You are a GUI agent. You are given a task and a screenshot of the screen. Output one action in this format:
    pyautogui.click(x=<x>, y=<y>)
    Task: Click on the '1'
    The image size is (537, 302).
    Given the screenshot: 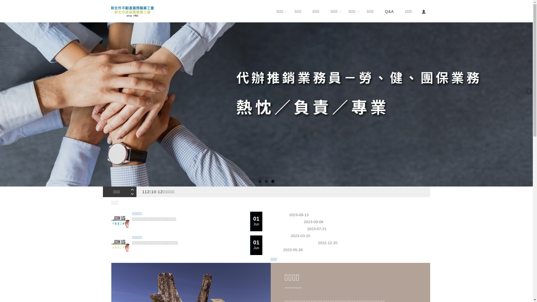 What is the action you would take?
    pyautogui.click(x=260, y=181)
    